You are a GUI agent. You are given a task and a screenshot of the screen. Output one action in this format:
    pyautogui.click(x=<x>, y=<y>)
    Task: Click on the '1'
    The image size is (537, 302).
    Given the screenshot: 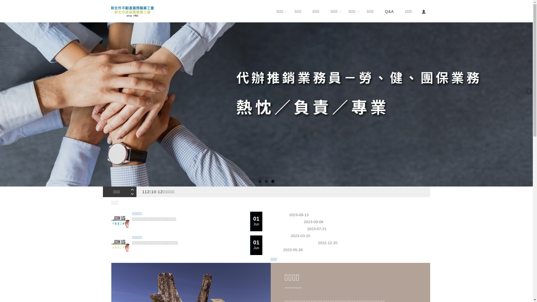 What is the action you would take?
    pyautogui.click(x=260, y=181)
    